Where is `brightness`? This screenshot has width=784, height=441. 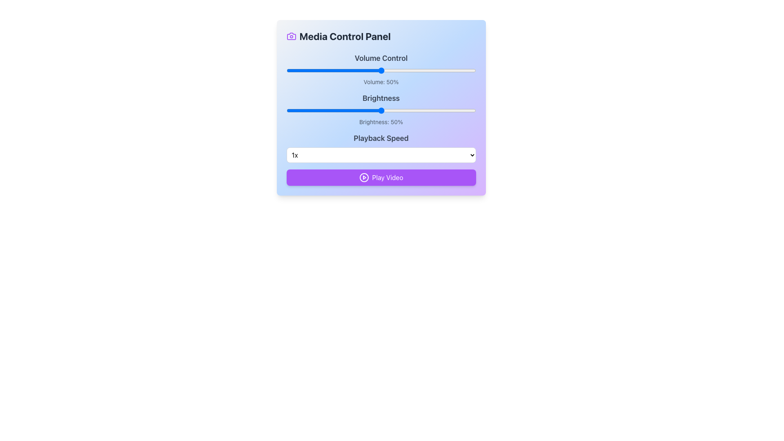
brightness is located at coordinates (390, 110).